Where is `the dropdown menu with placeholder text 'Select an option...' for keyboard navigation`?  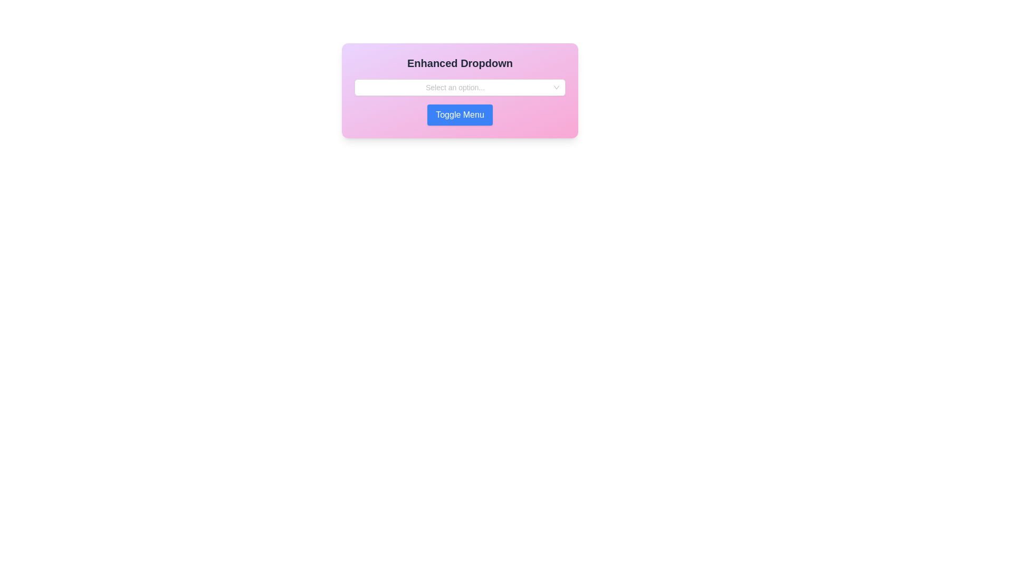
the dropdown menu with placeholder text 'Select an option...' for keyboard navigation is located at coordinates (460, 87).